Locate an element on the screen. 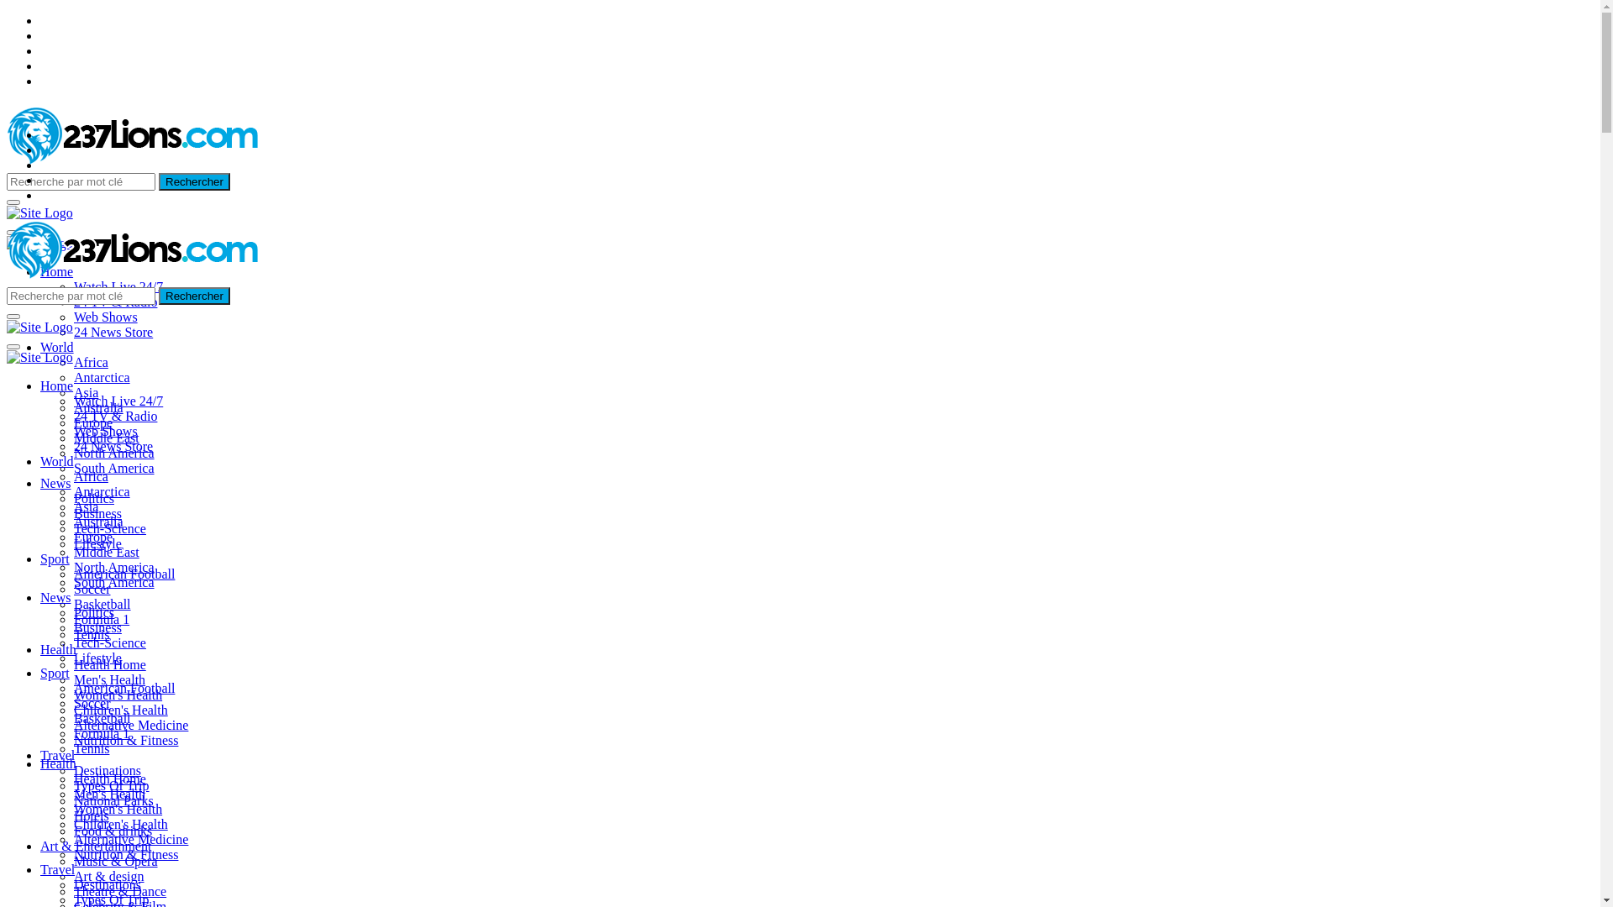 The height and width of the screenshot is (907, 1613). 'North America' is located at coordinates (113, 452).